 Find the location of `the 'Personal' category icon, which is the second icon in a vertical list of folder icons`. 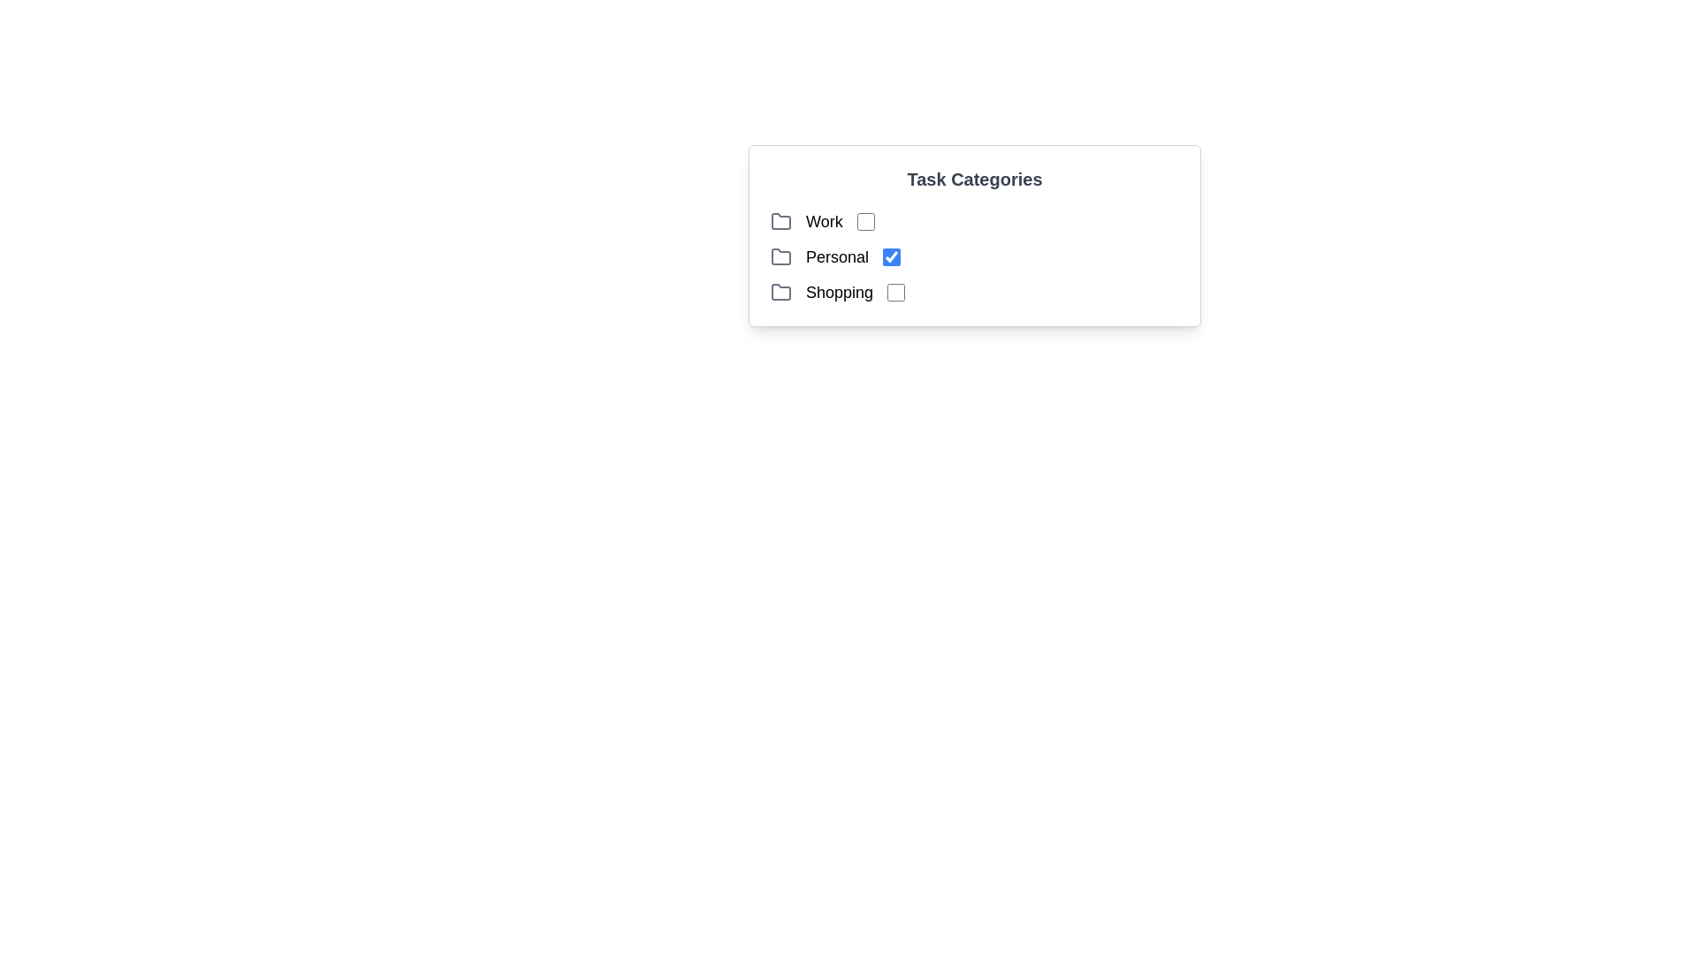

the 'Personal' category icon, which is the second icon in a vertical list of folder icons is located at coordinates (780, 256).